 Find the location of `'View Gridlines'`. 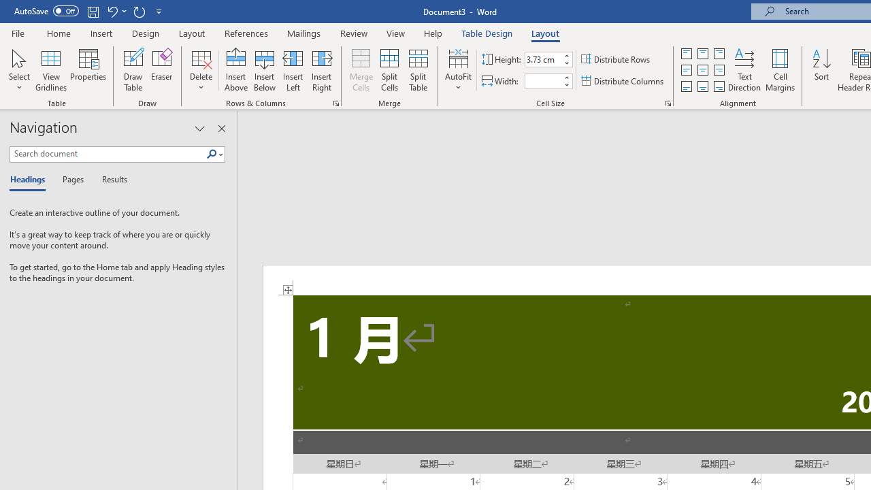

'View Gridlines' is located at coordinates (51, 70).